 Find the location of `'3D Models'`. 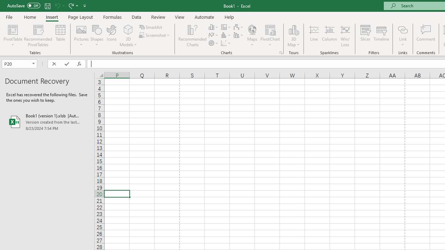

'3D Models' is located at coordinates (128, 29).